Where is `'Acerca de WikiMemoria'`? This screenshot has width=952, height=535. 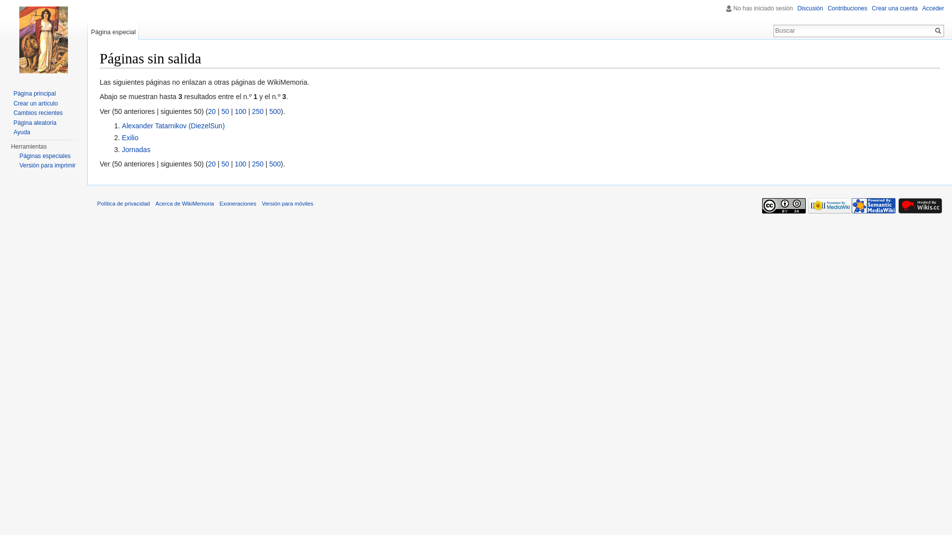
'Acerca de WikiMemoria' is located at coordinates (185, 203).